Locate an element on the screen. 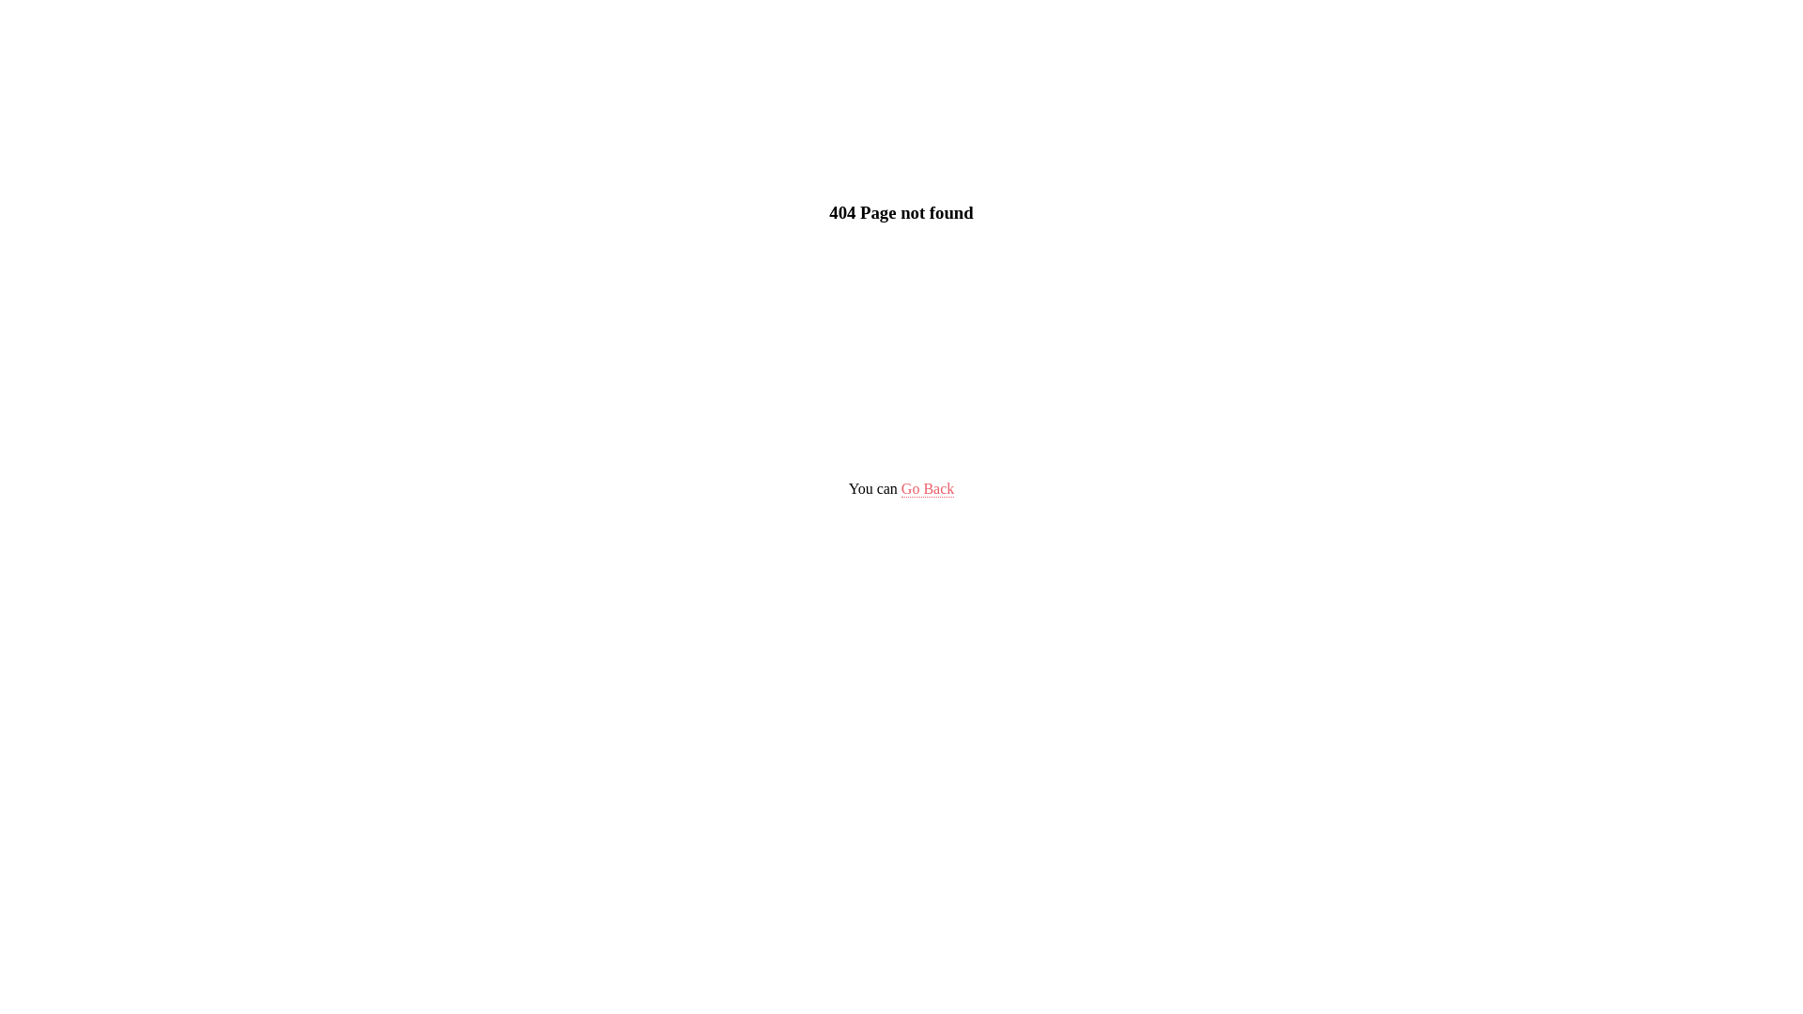  'Go Back' is located at coordinates (928, 487).